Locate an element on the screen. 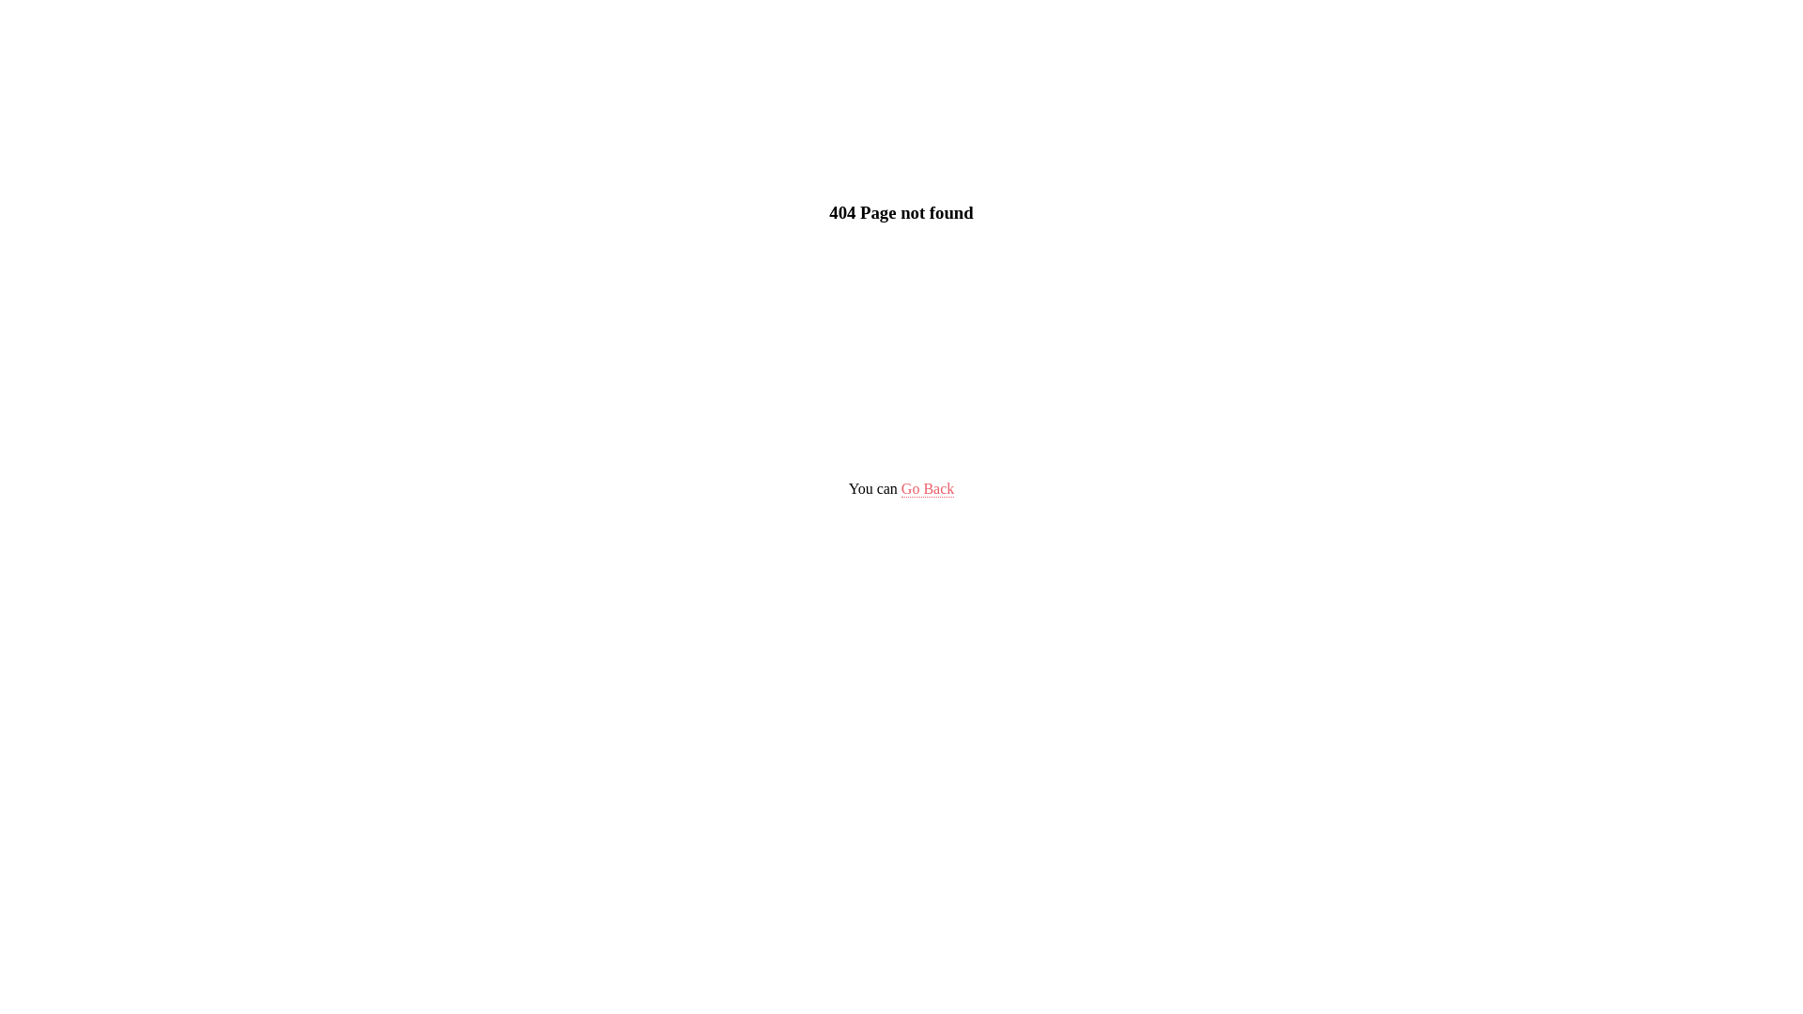  'Go Back' is located at coordinates (928, 487).